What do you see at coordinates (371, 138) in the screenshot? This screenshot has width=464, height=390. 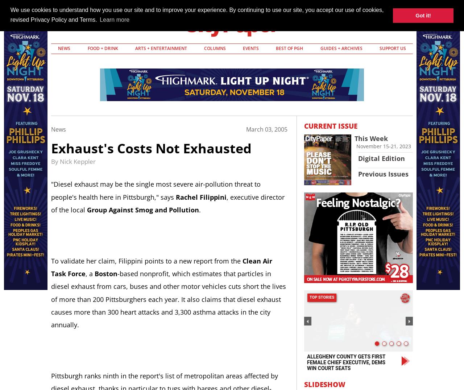 I see `'This Week'` at bounding box center [371, 138].